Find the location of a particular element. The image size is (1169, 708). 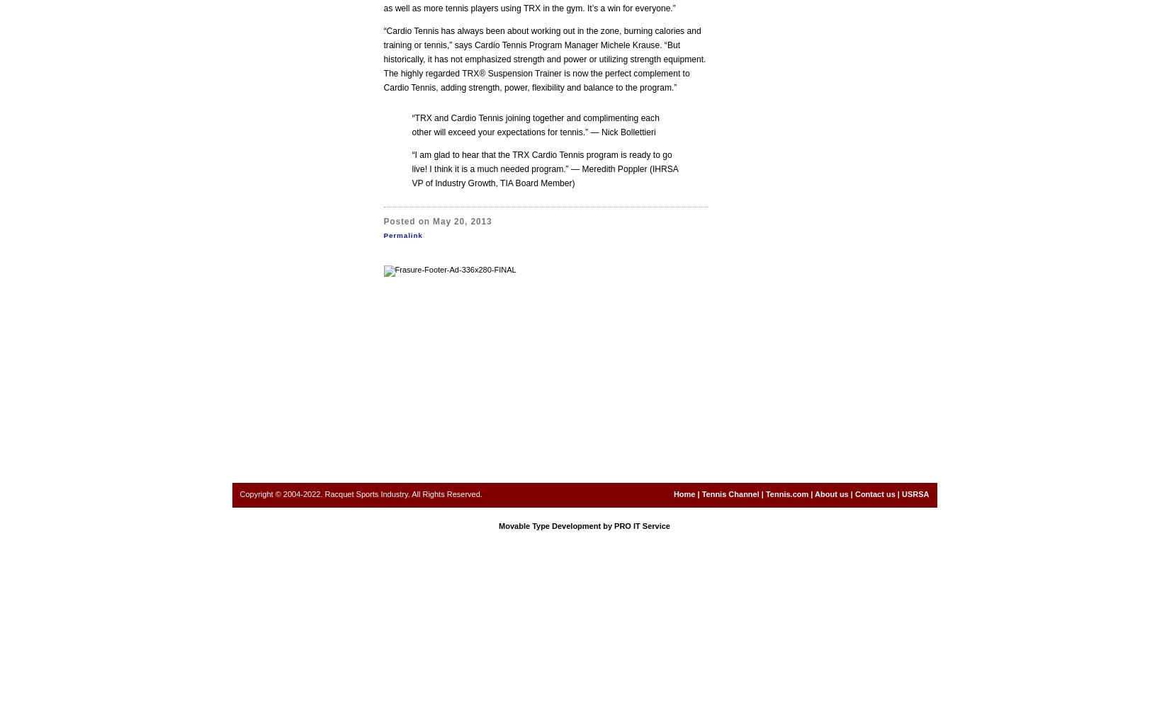

'Home' is located at coordinates (673, 493).